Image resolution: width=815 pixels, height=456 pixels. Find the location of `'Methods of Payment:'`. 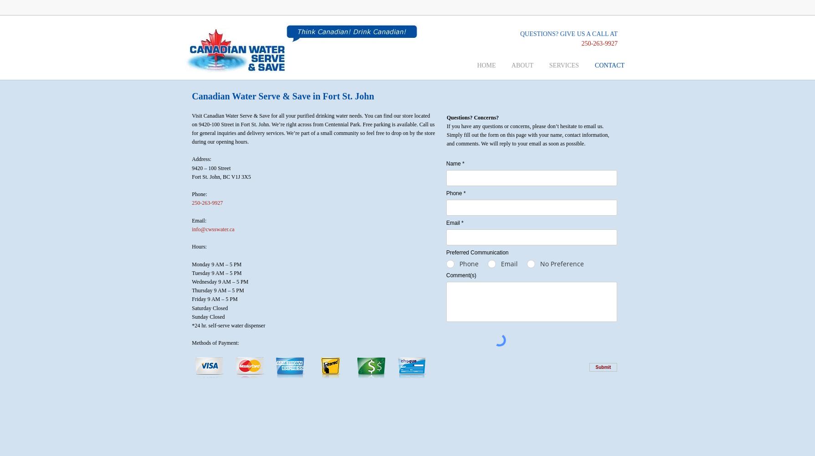

'Methods of Payment:' is located at coordinates (215, 343).